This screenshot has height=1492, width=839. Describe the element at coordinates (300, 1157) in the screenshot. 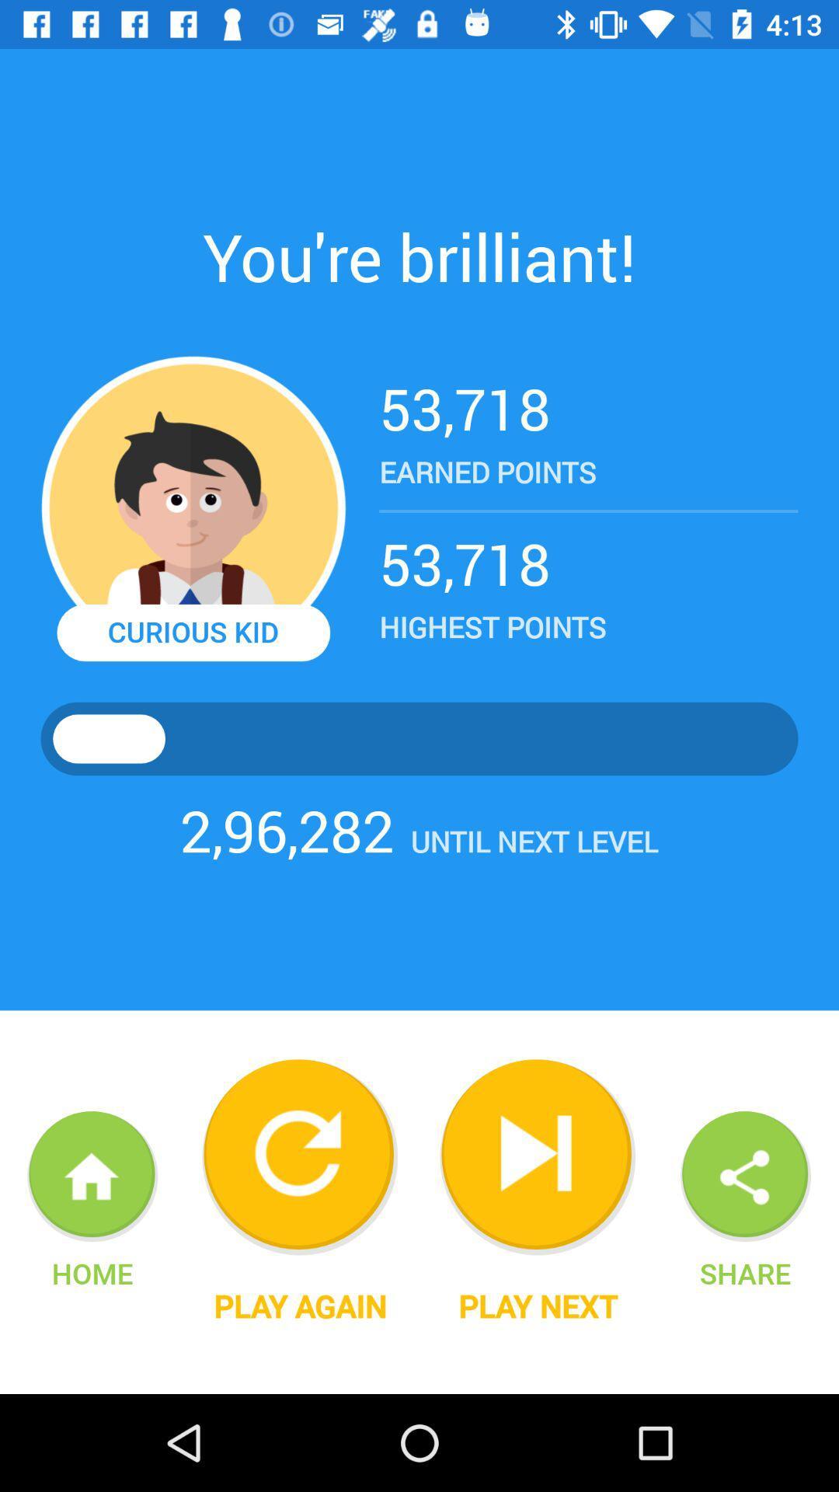

I see `again` at that location.